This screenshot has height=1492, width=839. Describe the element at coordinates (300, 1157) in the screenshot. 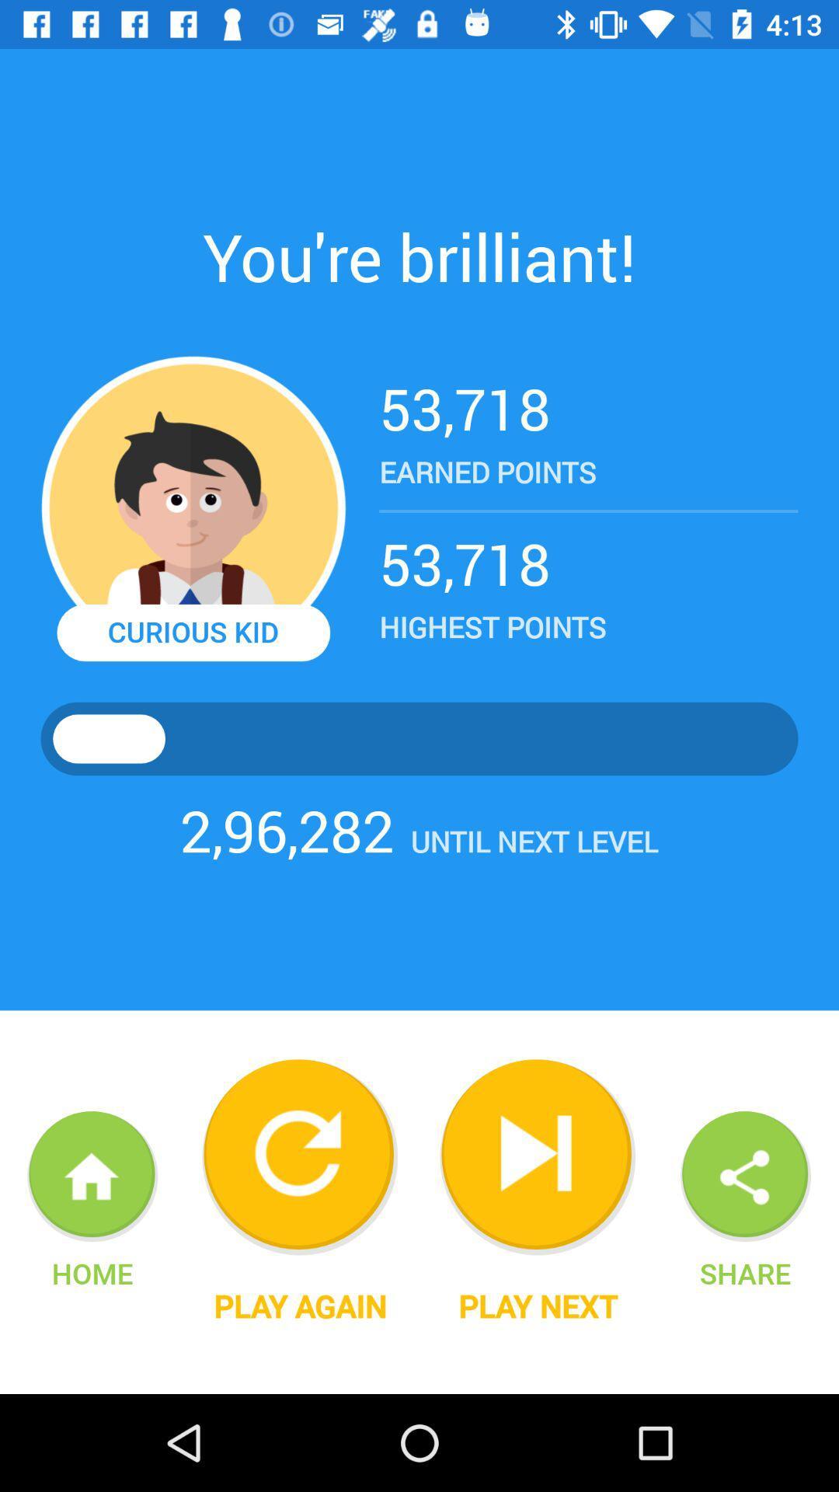

I see `again` at that location.